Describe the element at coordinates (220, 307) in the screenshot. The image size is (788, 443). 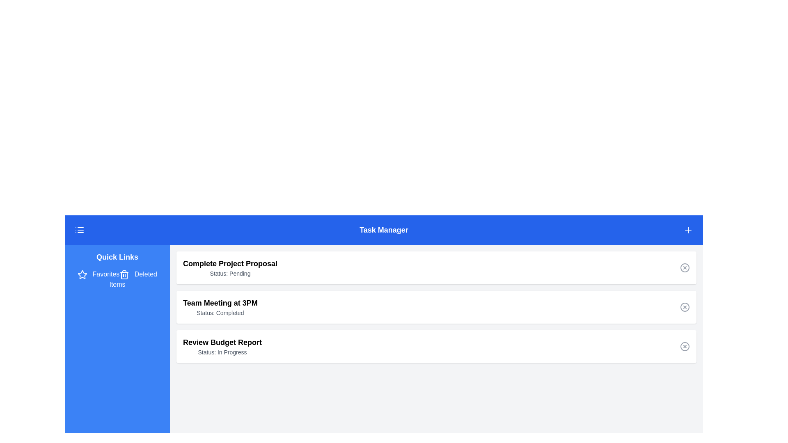
I see `the informational text block displaying 'Team Meeting at 3PM' and 'Status: Completed' in the task manager interface` at that location.